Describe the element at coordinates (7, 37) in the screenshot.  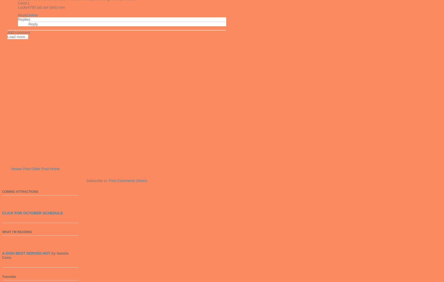
I see `'Load more...'` at that location.